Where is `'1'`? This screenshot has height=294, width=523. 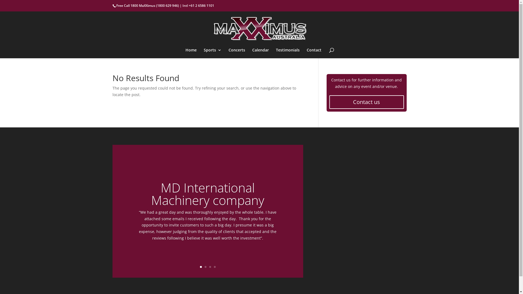
'1' is located at coordinates (200, 267).